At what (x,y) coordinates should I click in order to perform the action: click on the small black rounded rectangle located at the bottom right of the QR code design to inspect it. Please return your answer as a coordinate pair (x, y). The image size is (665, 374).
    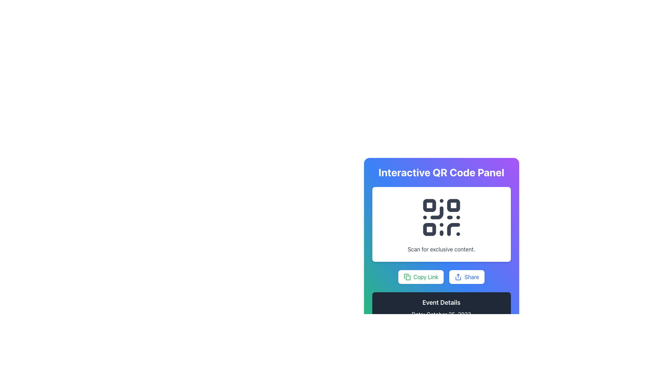
    Looking at the image, I should click on (453, 229).